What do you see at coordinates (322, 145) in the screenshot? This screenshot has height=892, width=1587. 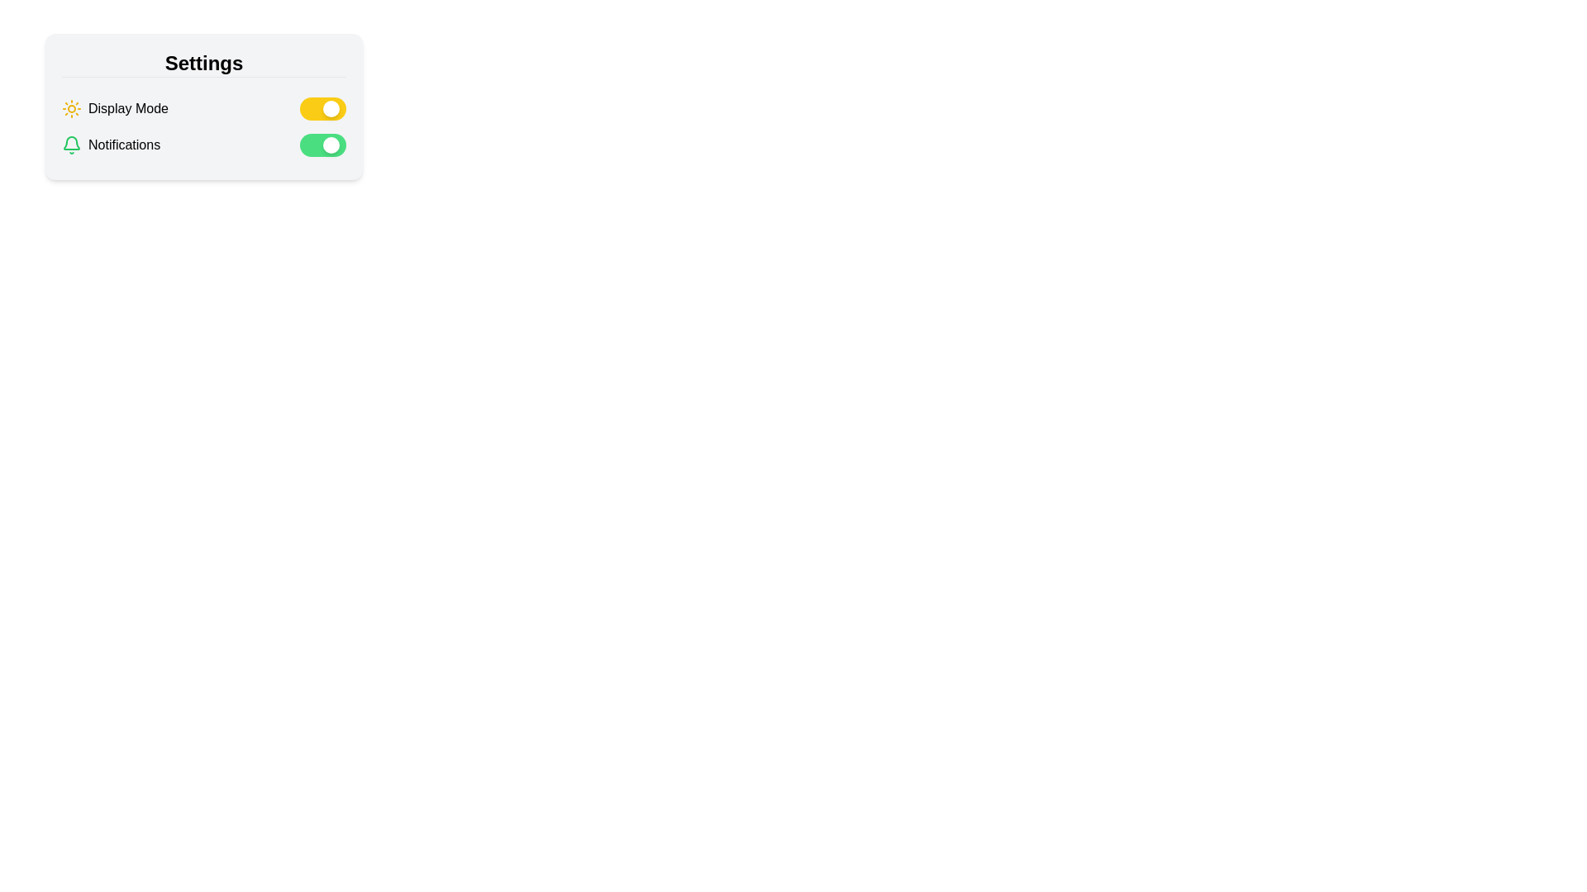 I see `the rounded toggle switch for the 'Notifications' setting, which has a green background and a white circular knob on the right side` at bounding box center [322, 145].